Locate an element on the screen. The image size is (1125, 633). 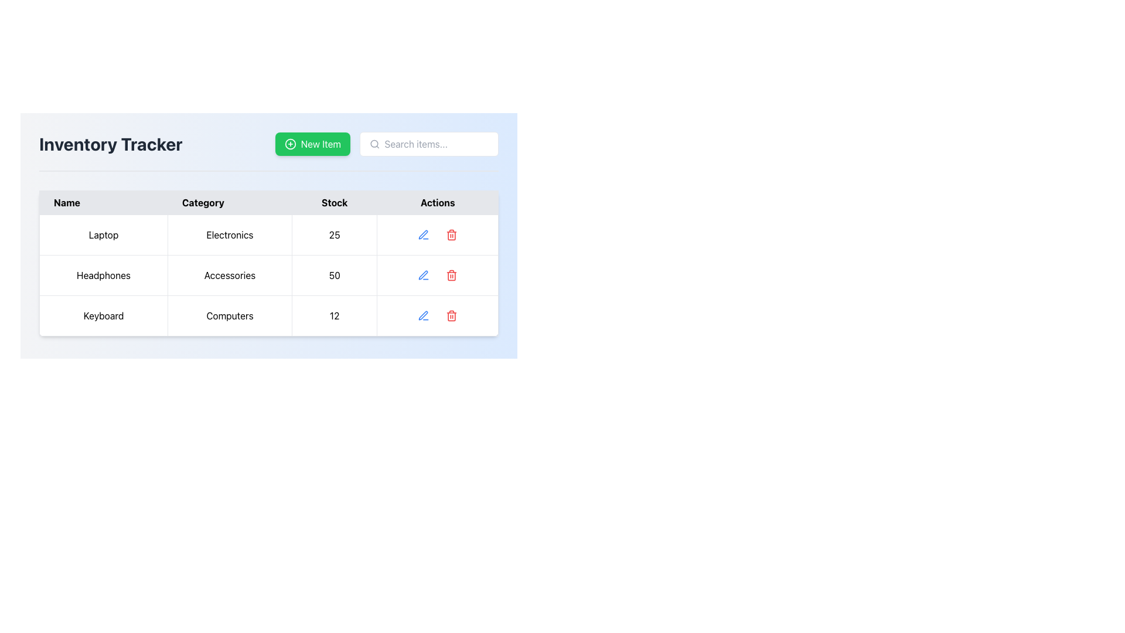
the static text field labeled 'Computers' located in the third row under the 'Category' column of the table is located at coordinates (230, 315).